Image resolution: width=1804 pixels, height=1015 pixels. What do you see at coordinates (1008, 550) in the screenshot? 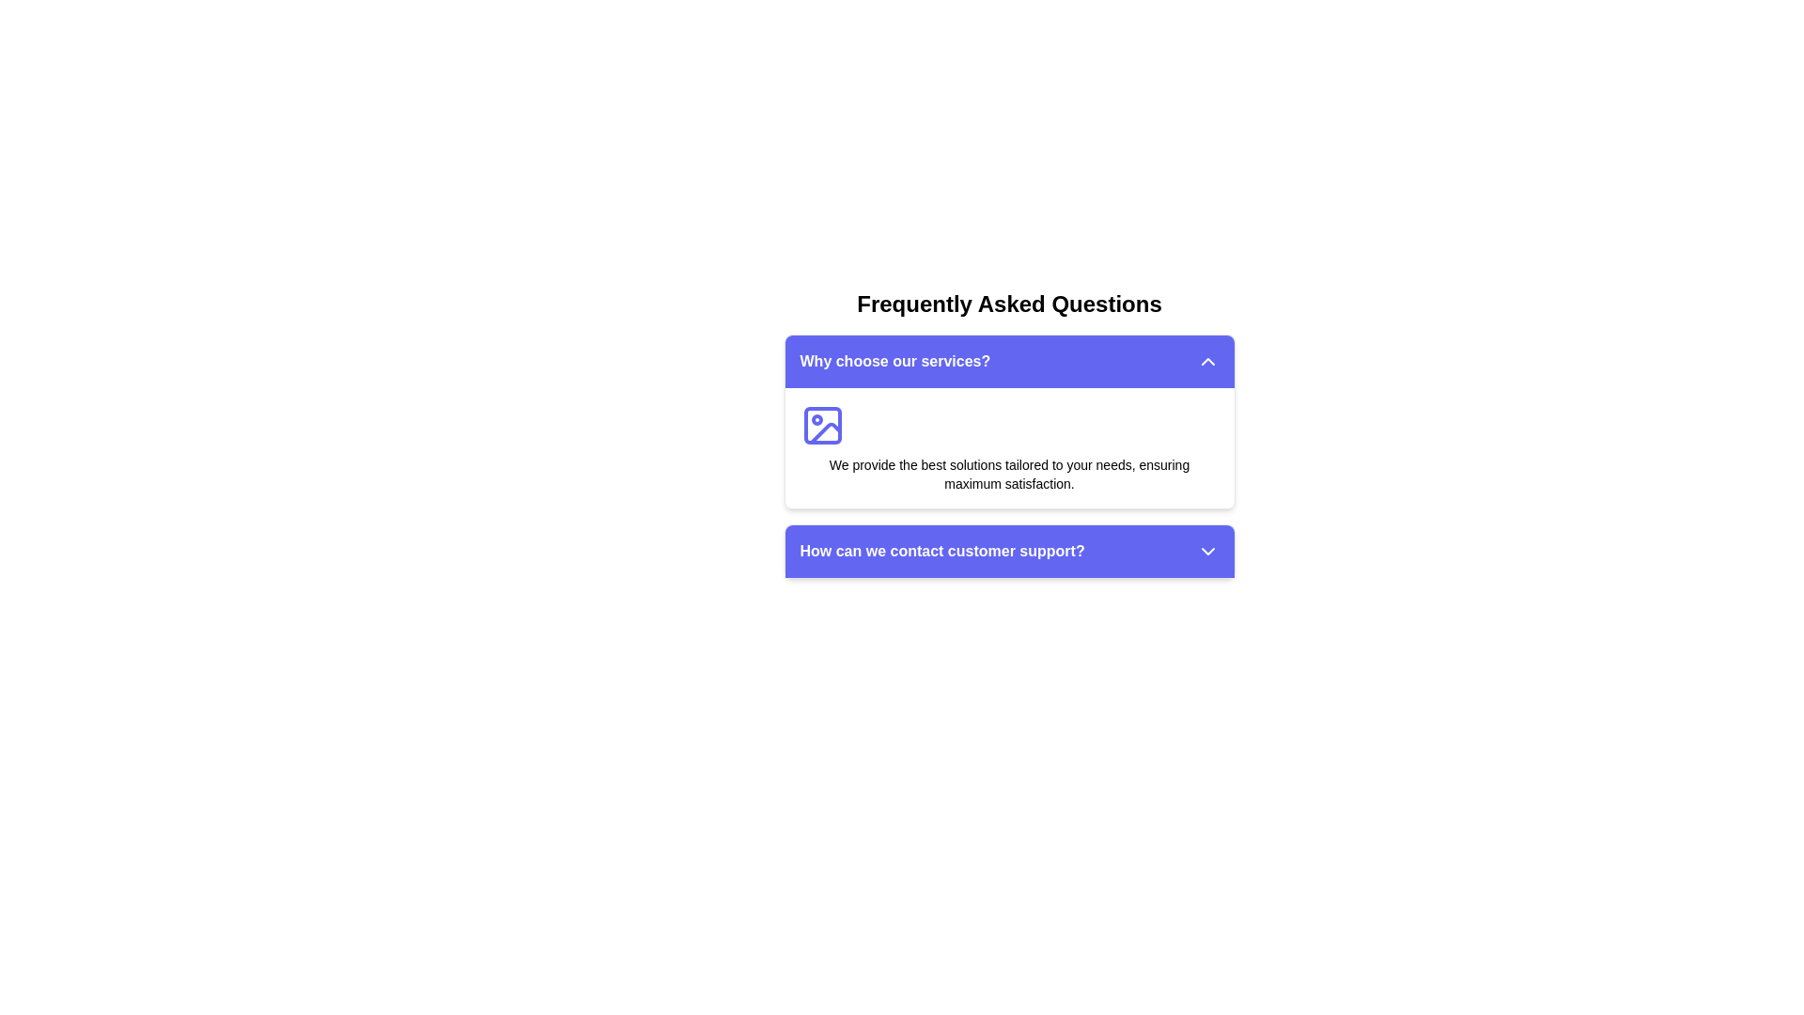
I see `the clickable header or accordion toggle labeled 'How can we contact customer support?'` at bounding box center [1008, 550].